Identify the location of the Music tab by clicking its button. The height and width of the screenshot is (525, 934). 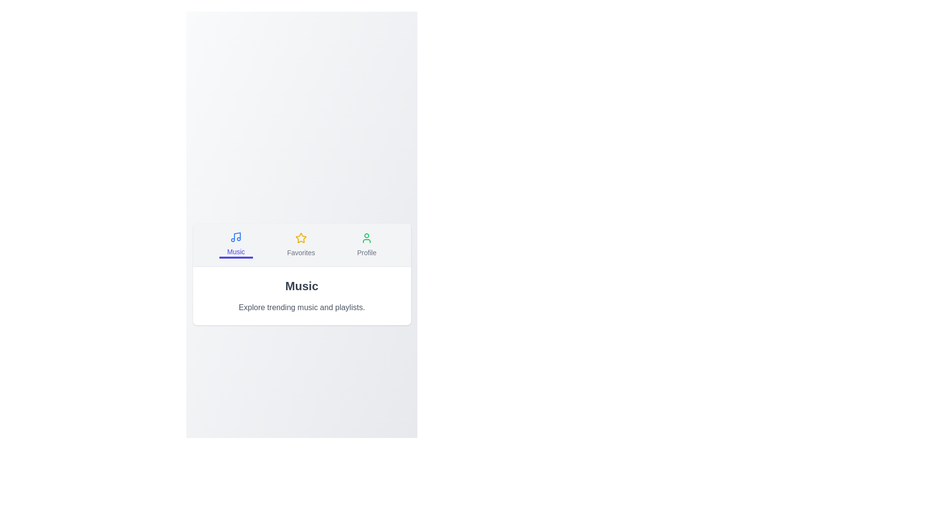
(235, 244).